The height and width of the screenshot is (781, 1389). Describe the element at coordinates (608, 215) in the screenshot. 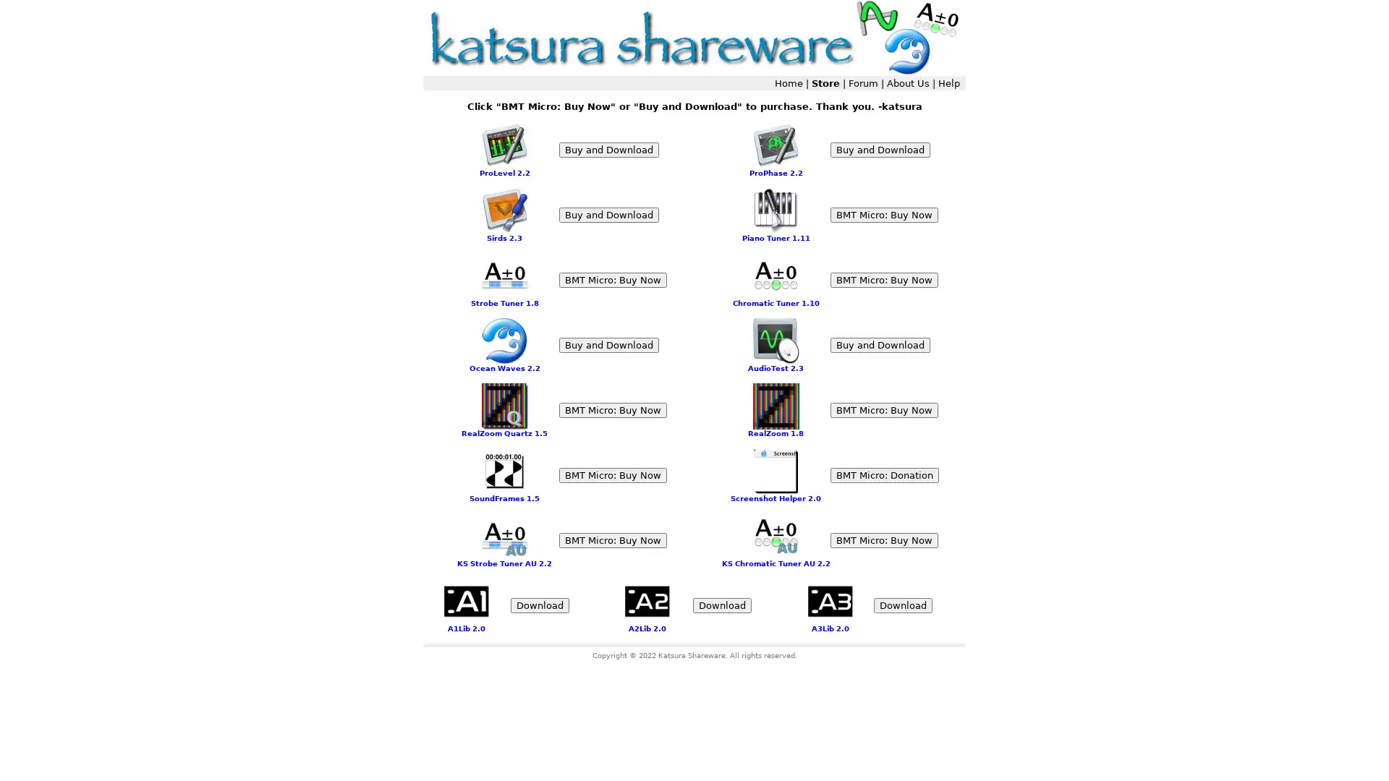

I see `Buy and Download` at that location.